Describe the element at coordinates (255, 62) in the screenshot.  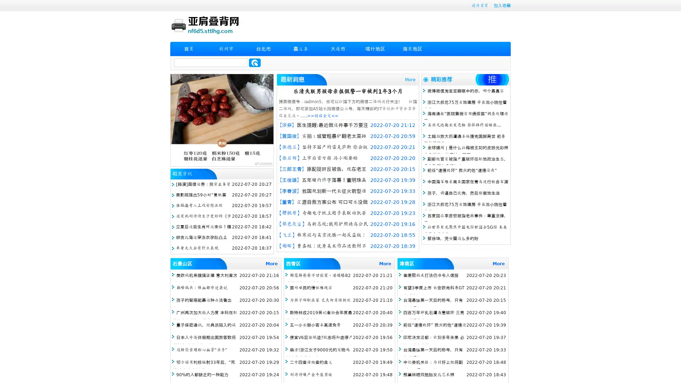
I see `Search` at that location.